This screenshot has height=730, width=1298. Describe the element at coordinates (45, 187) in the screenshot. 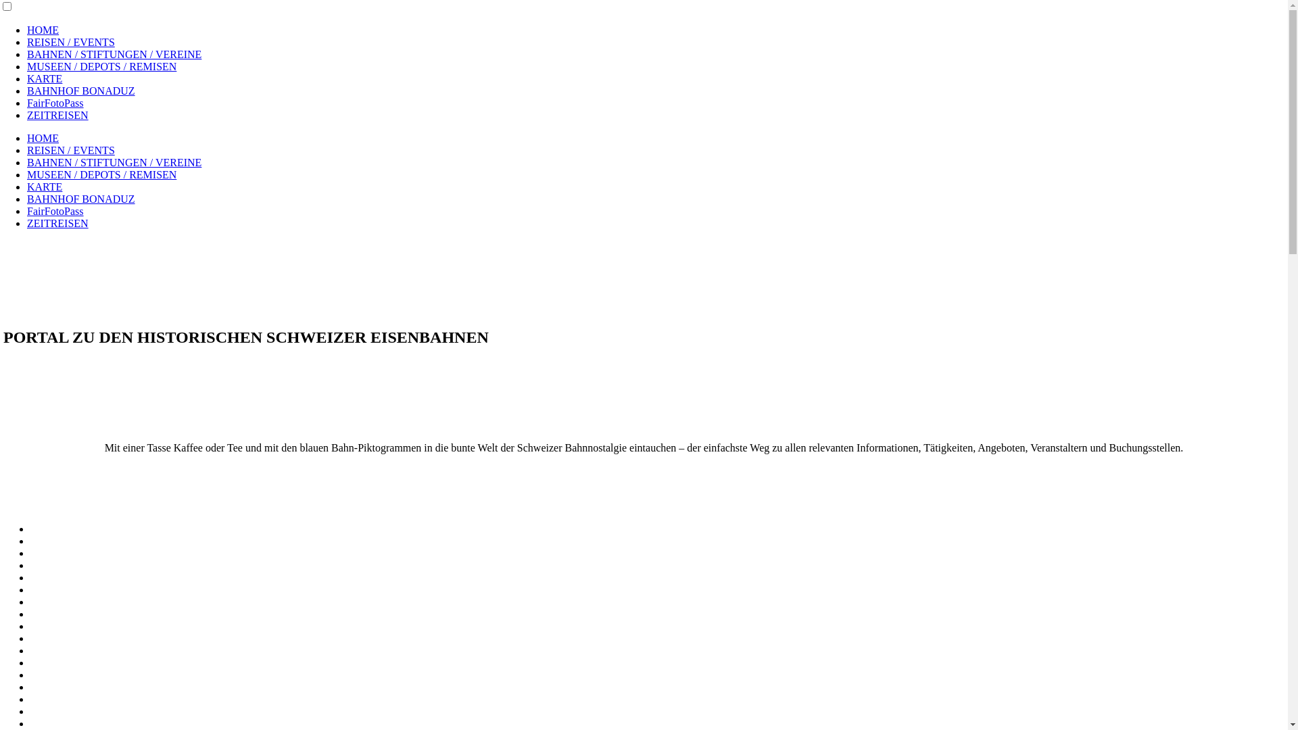

I see `'KARTE'` at that location.